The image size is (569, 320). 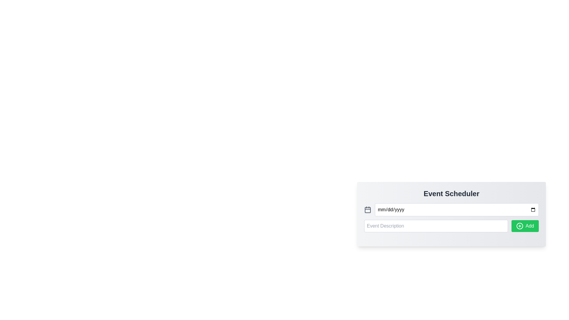 I want to click on the calendar date indicator icon located to the left of the date input field in the 'Event Scheduler' component, so click(x=367, y=209).